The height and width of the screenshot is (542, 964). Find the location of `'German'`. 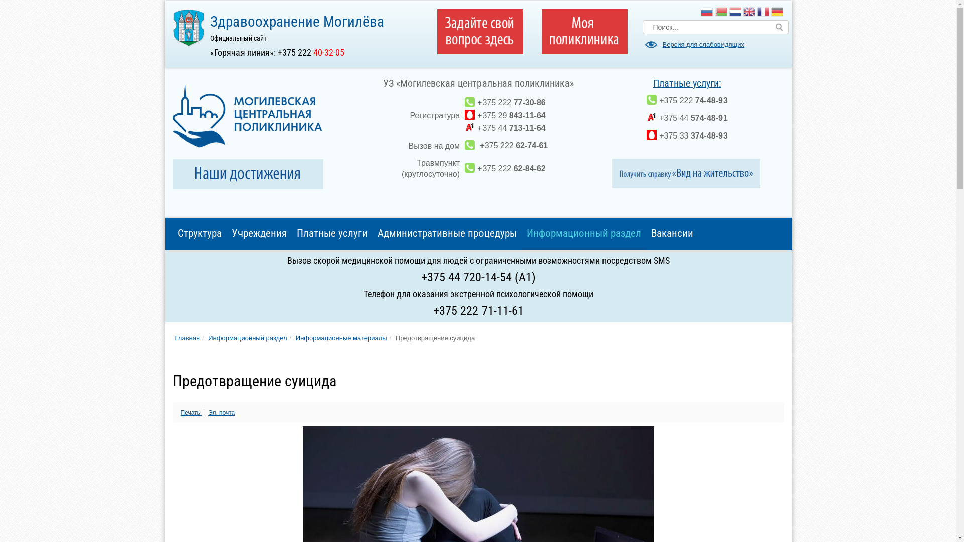

'German' is located at coordinates (777, 12).